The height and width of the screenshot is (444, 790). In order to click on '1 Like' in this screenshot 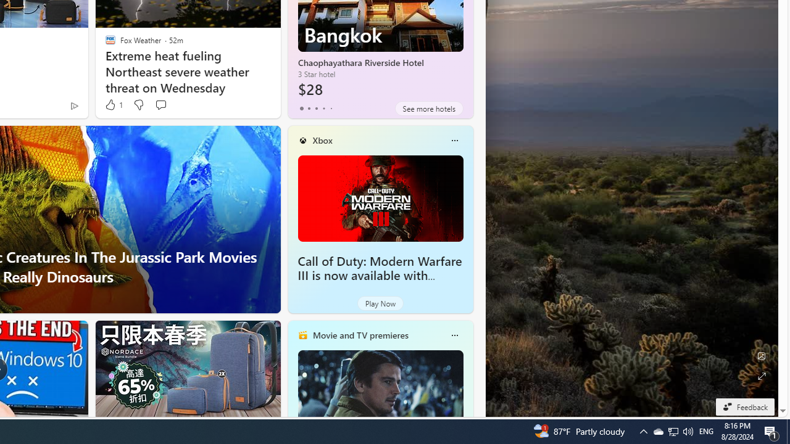, I will do `click(113, 104)`.